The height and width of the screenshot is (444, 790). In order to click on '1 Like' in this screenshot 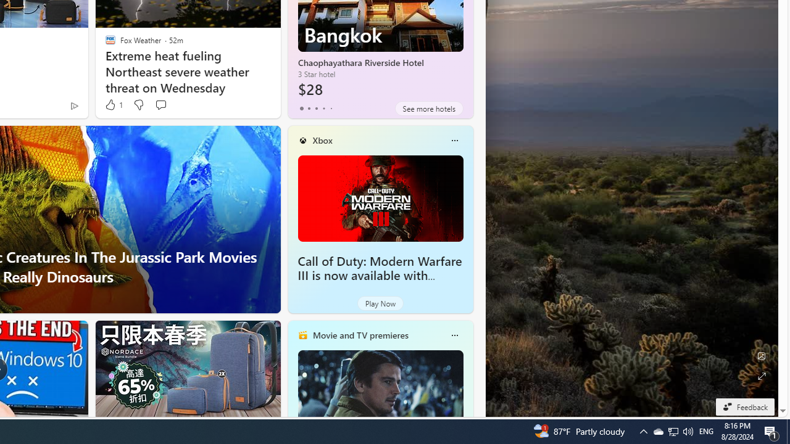, I will do `click(113, 104)`.